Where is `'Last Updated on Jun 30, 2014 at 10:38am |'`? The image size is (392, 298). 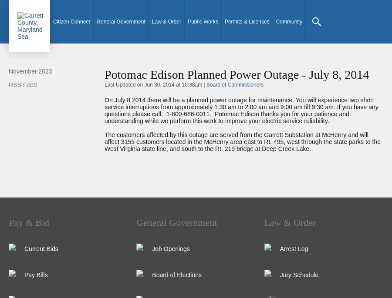
'Last Updated on Jun 30, 2014 at 10:38am |' is located at coordinates (155, 85).